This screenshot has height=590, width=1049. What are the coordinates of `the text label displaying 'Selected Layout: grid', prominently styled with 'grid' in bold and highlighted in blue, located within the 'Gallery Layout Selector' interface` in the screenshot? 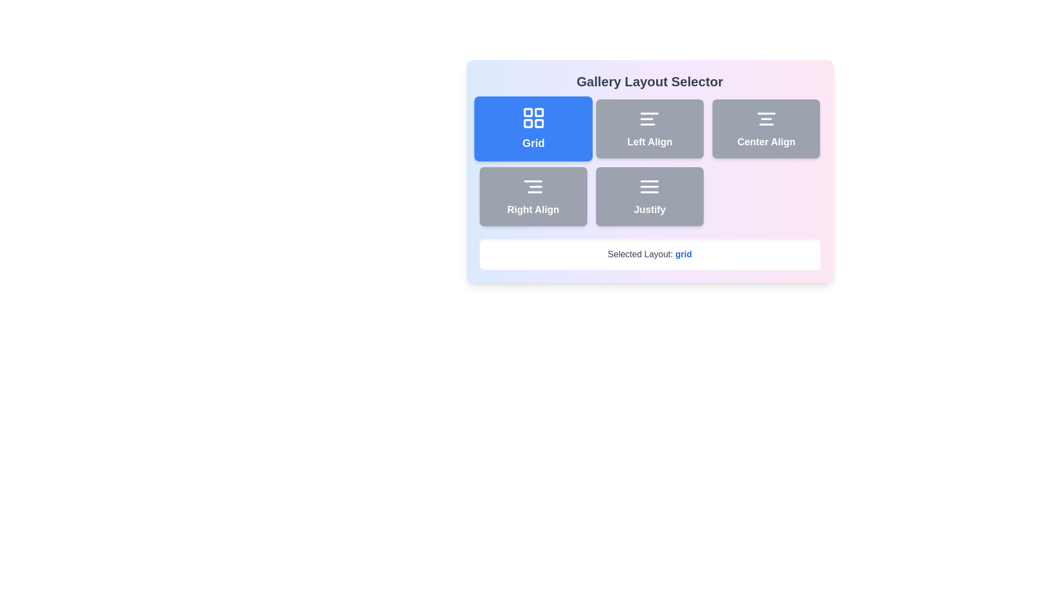 It's located at (650, 255).